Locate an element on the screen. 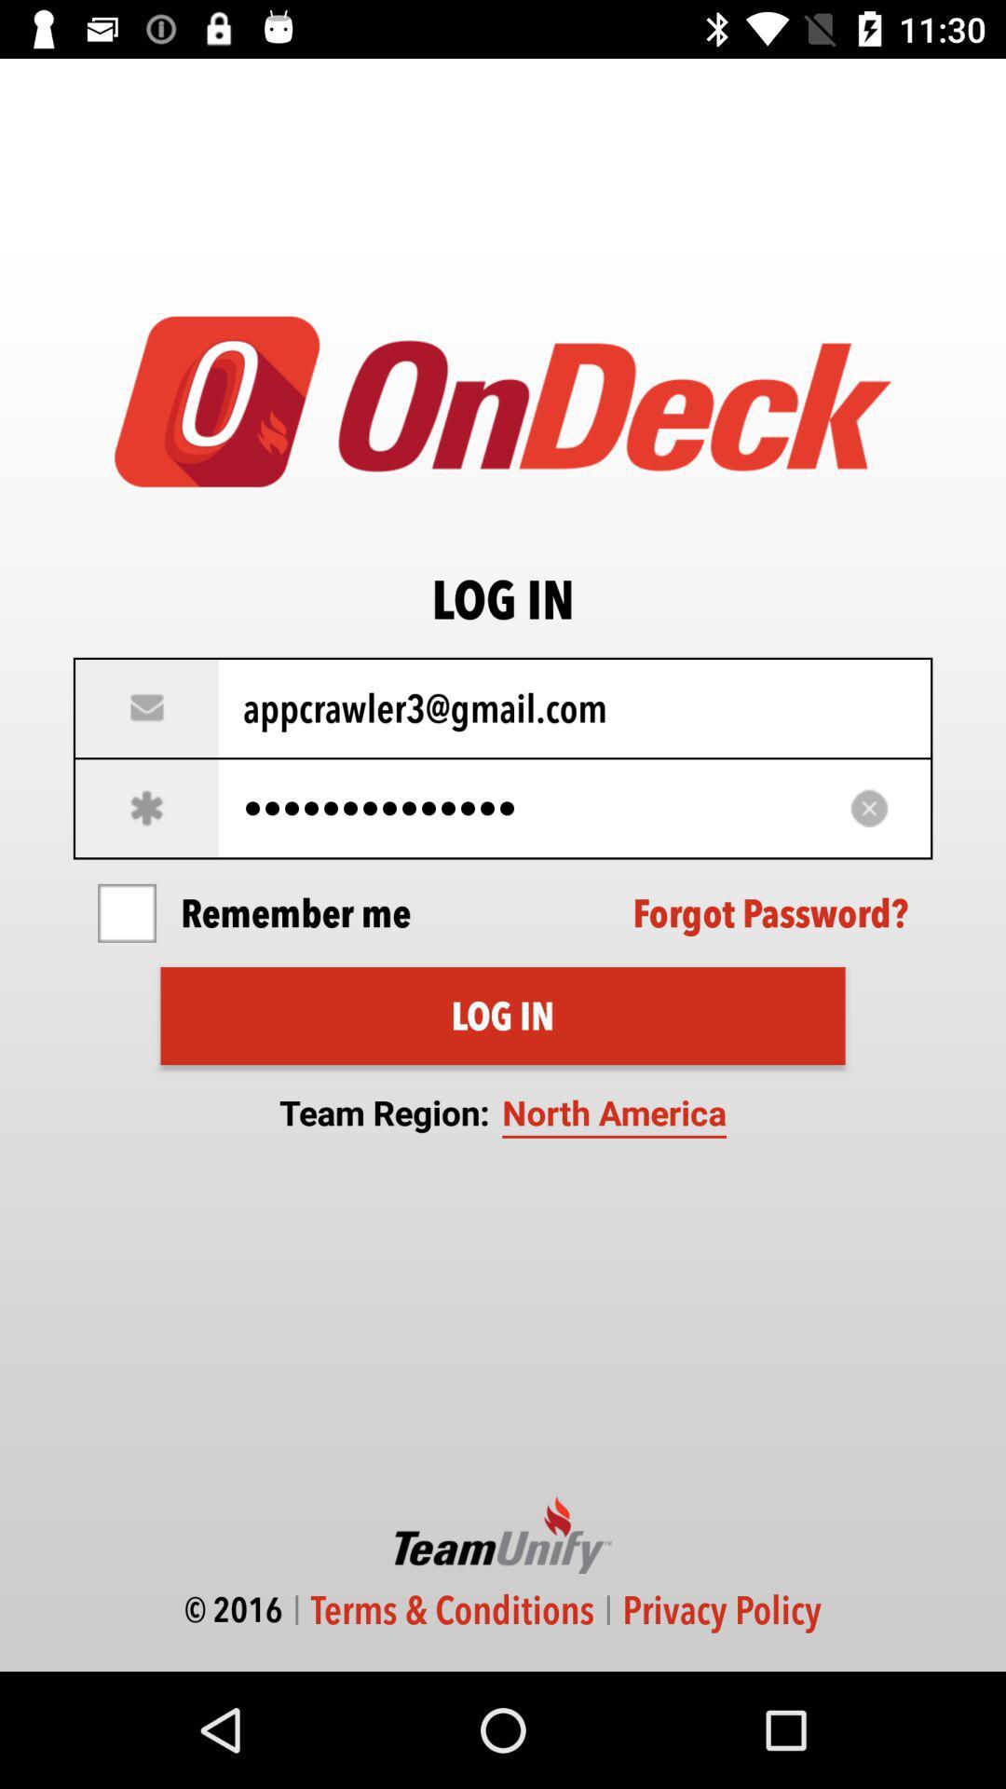 Image resolution: width=1006 pixels, height=1789 pixels. privacy policy is located at coordinates (721, 1609).